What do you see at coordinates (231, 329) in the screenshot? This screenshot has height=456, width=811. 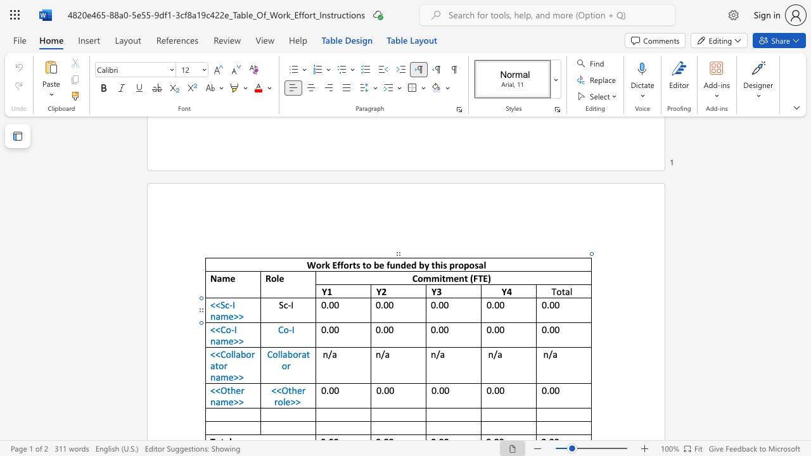 I see `the space between the continuous character "o" and "-" in the text` at bounding box center [231, 329].